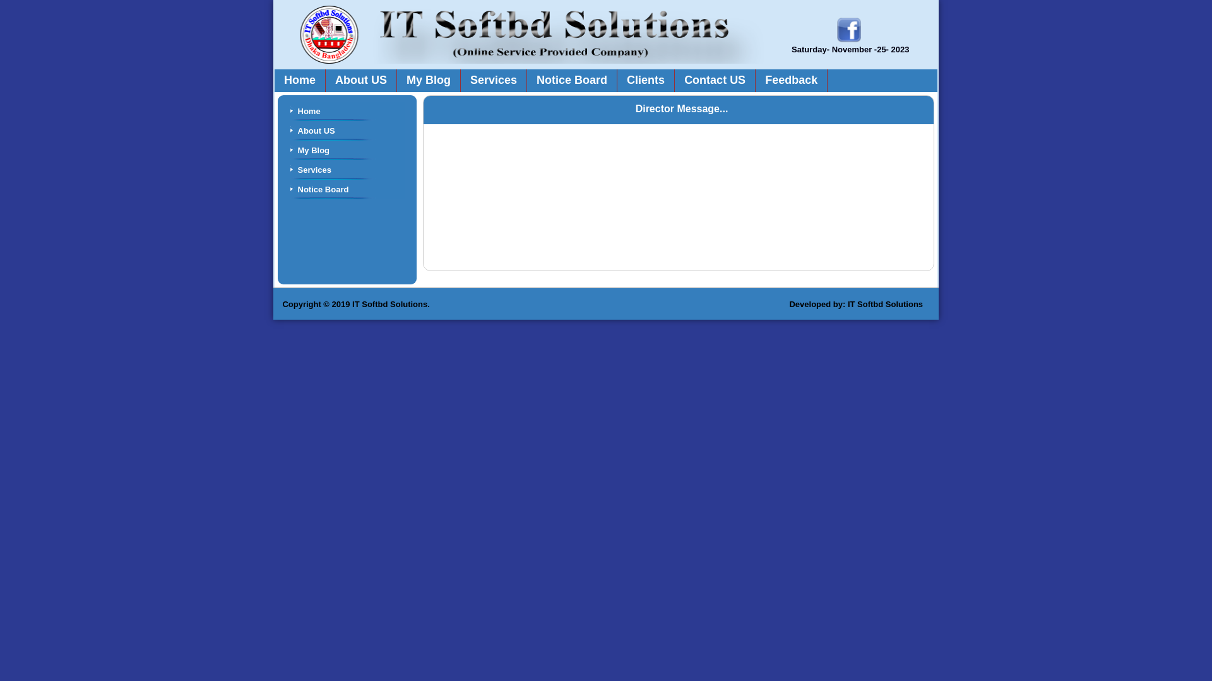  Describe the element at coordinates (281, 169) in the screenshot. I see `'Services'` at that location.